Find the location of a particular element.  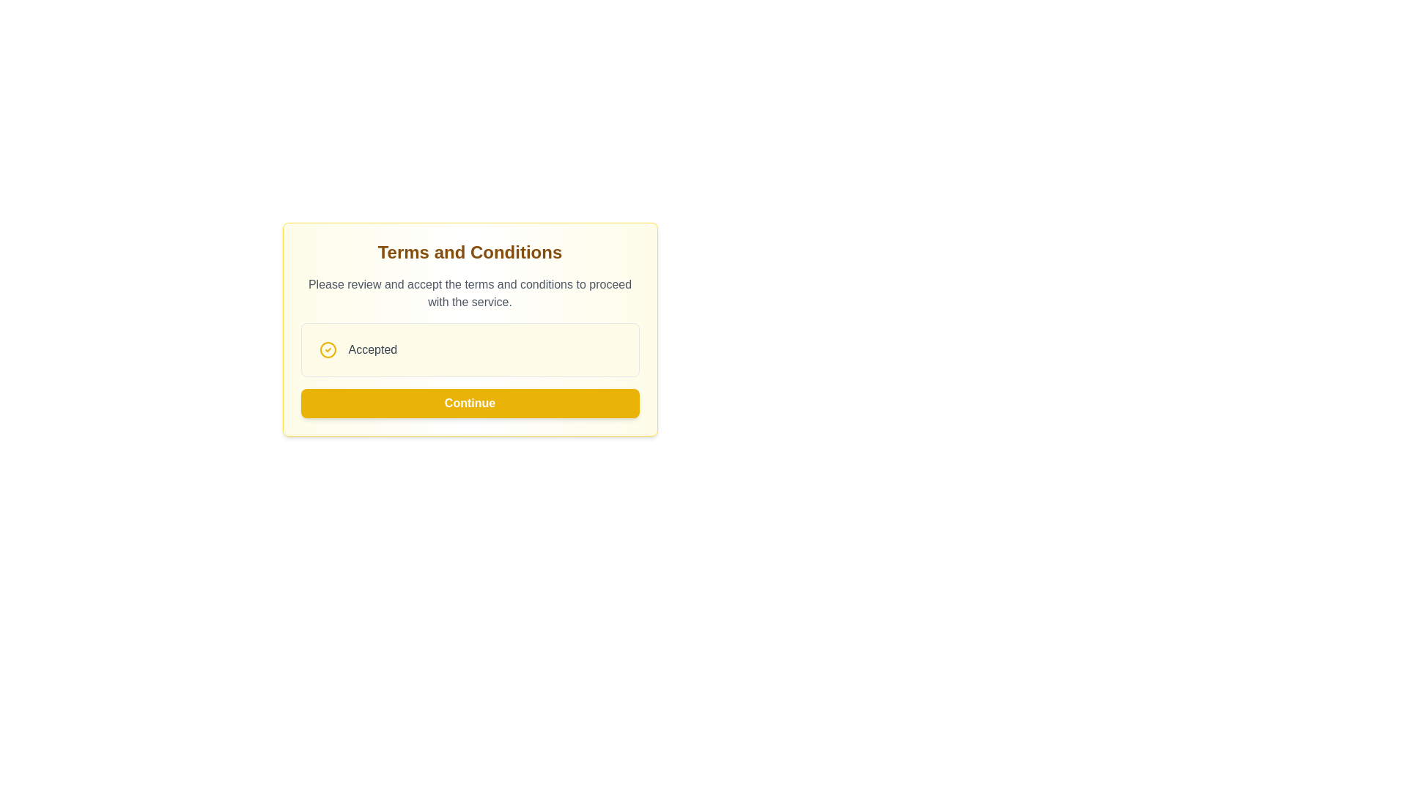

the decorative SVG Circle graphic associated with the checkbox for the 'Accepted' label, which is centrally located within the checkbox is located at coordinates (327, 350).